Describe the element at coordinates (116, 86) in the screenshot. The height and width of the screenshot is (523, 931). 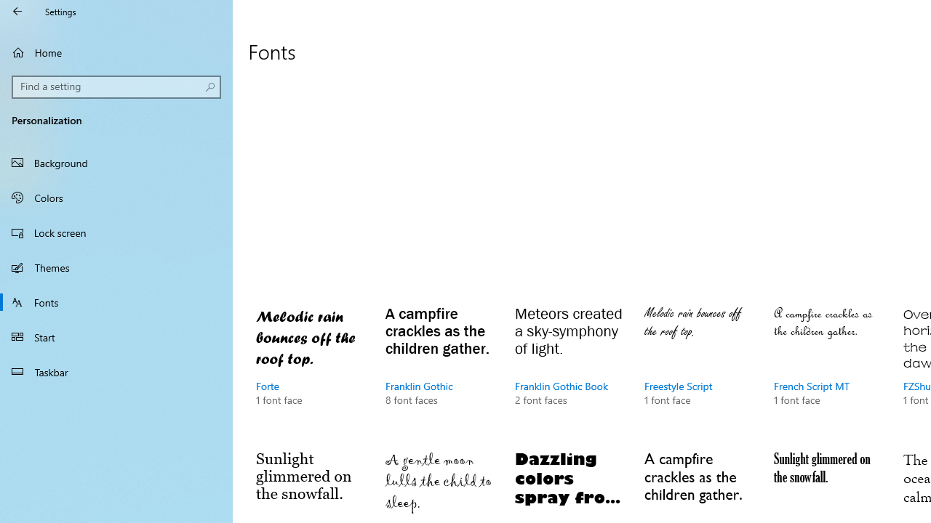
I see `'Search box, Find a setting'` at that location.